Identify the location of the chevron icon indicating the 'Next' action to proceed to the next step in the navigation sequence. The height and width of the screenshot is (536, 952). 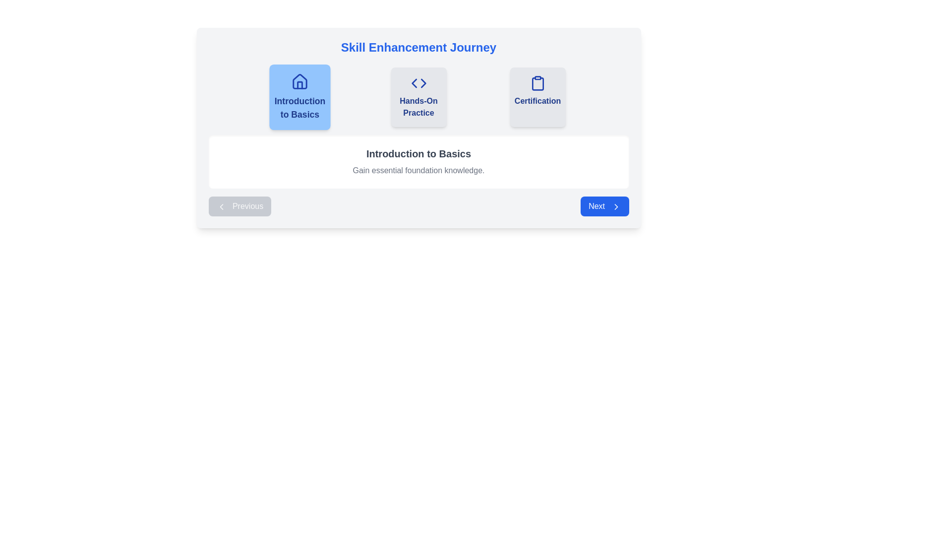
(615, 206).